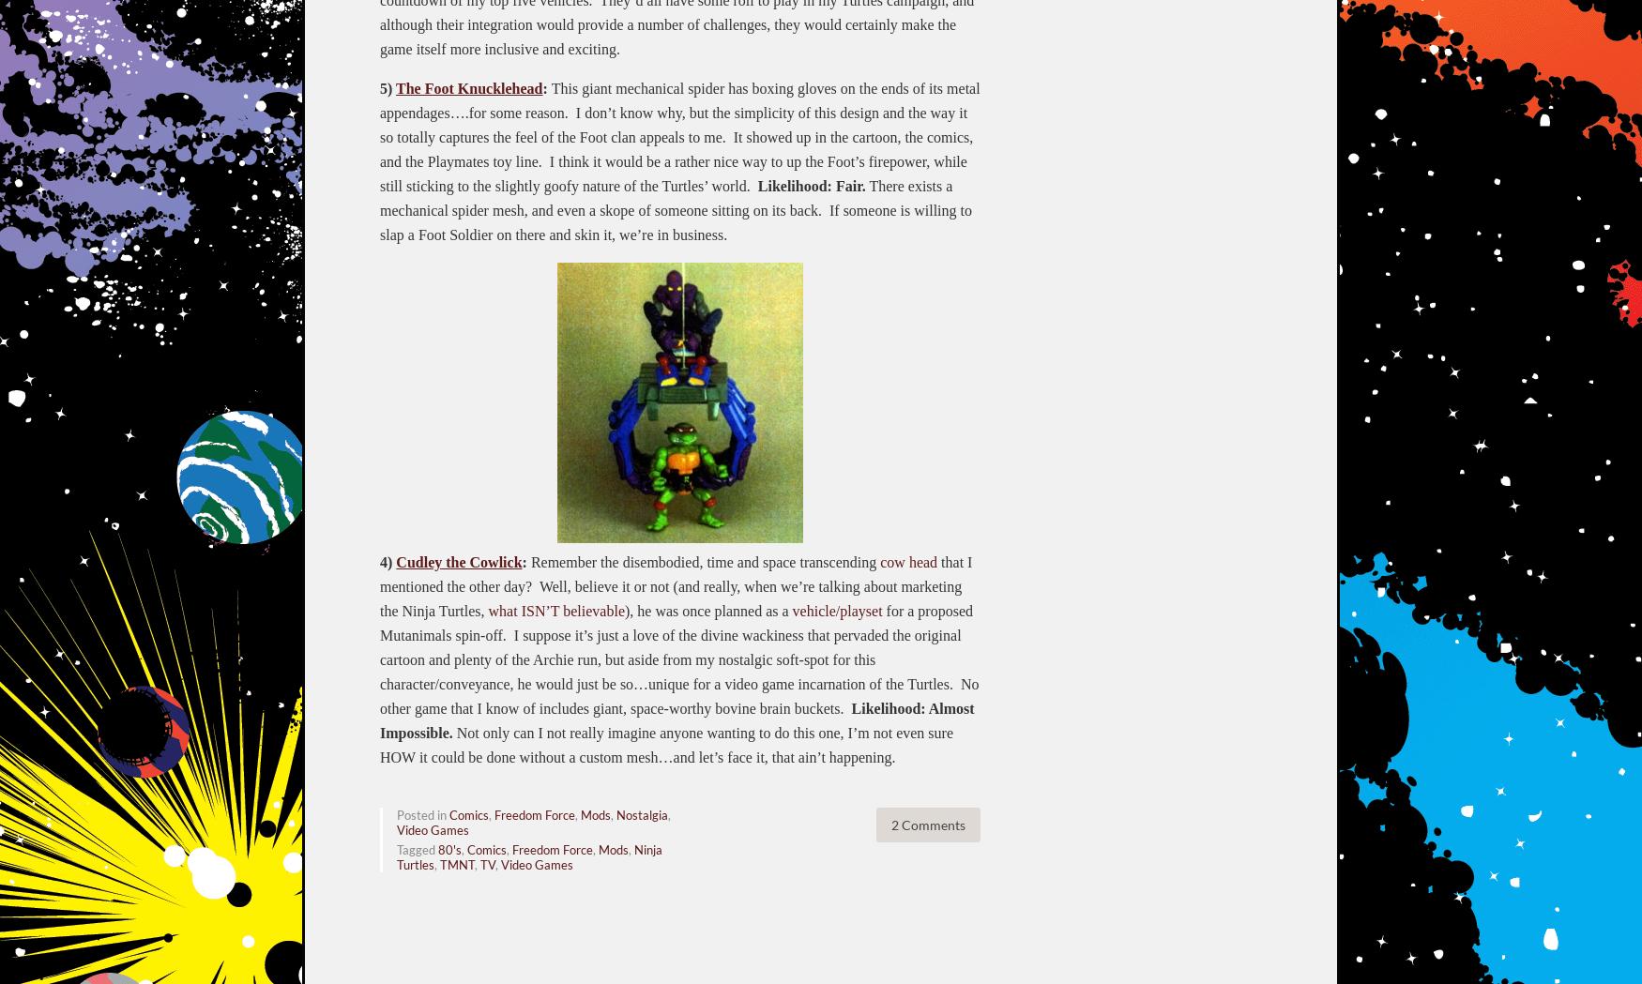  I want to click on '), he was once planned as a', so click(707, 609).